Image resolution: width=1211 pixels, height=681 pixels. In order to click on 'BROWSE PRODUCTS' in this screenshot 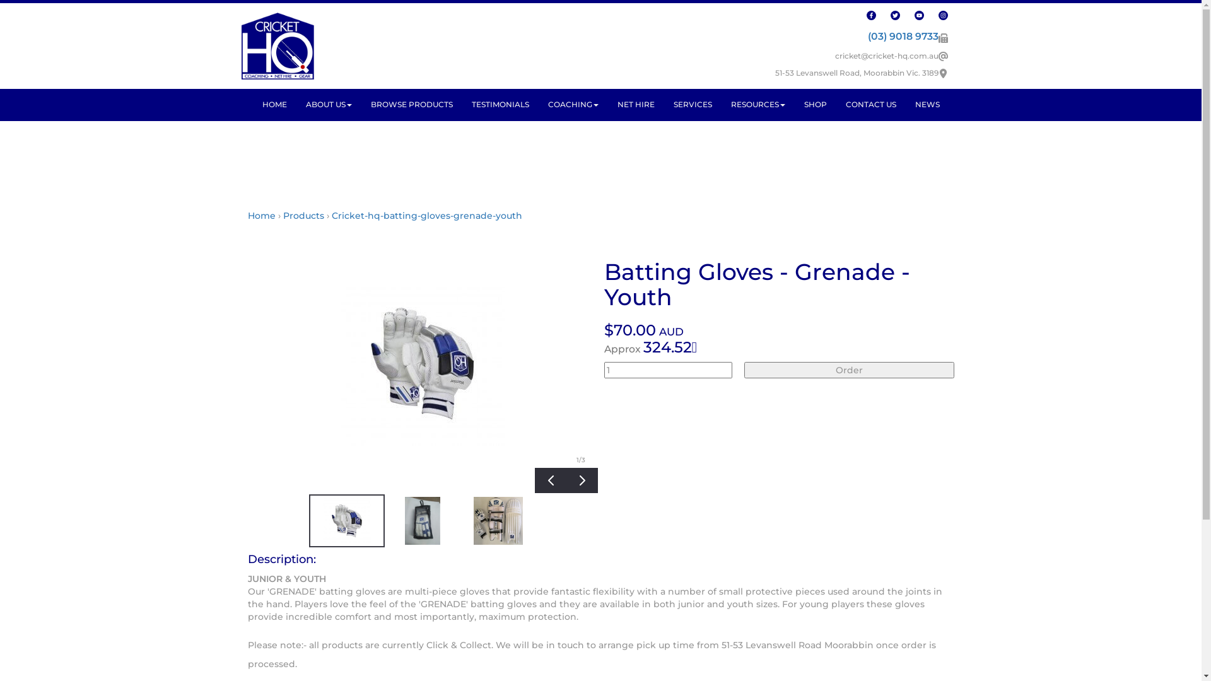, I will do `click(411, 103)`.